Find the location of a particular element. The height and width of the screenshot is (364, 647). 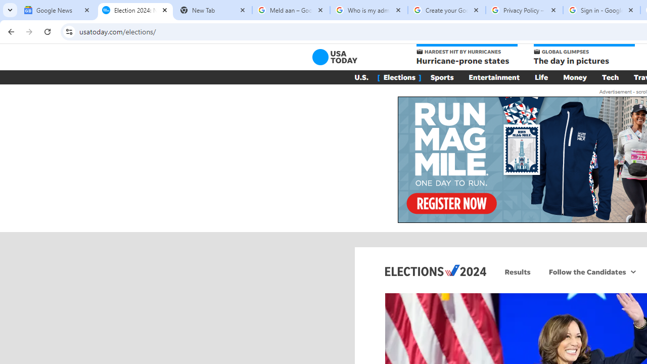

'New Tab' is located at coordinates (212, 10).